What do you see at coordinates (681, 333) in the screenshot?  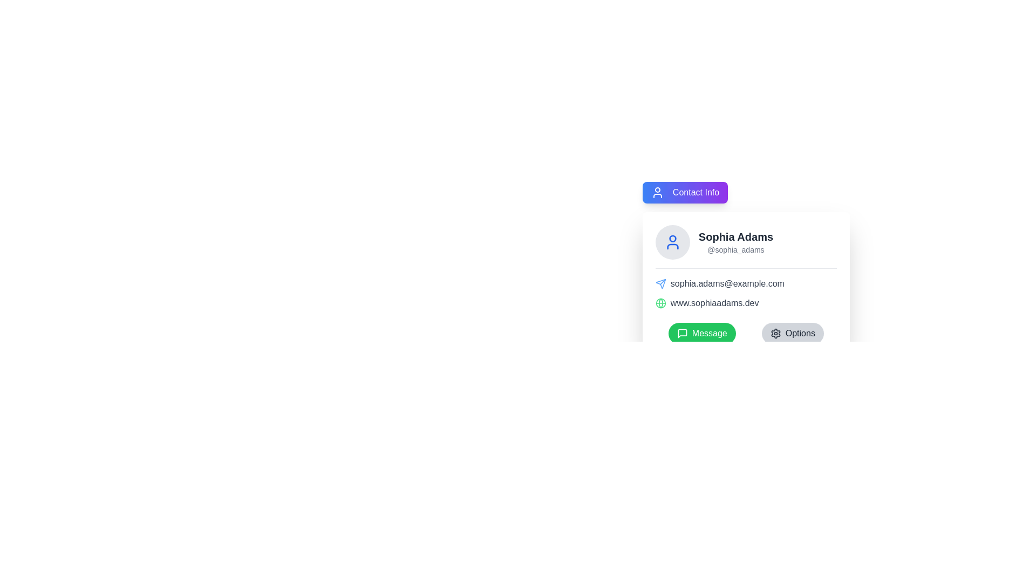 I see `the small green square-shaped icon with a message bubble design, located inside the green button labeled 'Message' at the bottom-left of the user profile section` at bounding box center [681, 333].